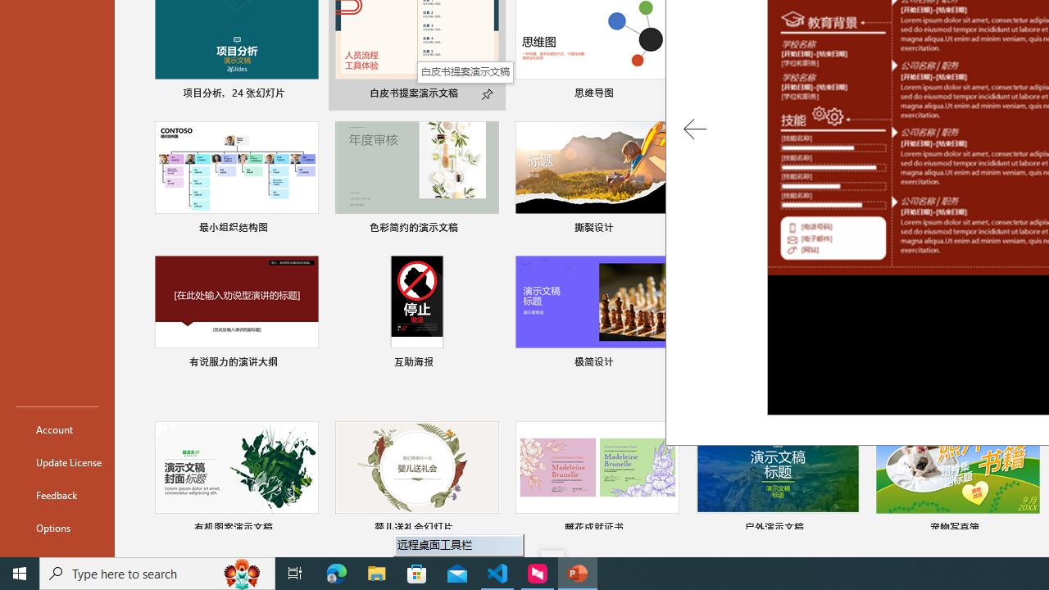  I want to click on 'Pin to list', so click(1028, 529).